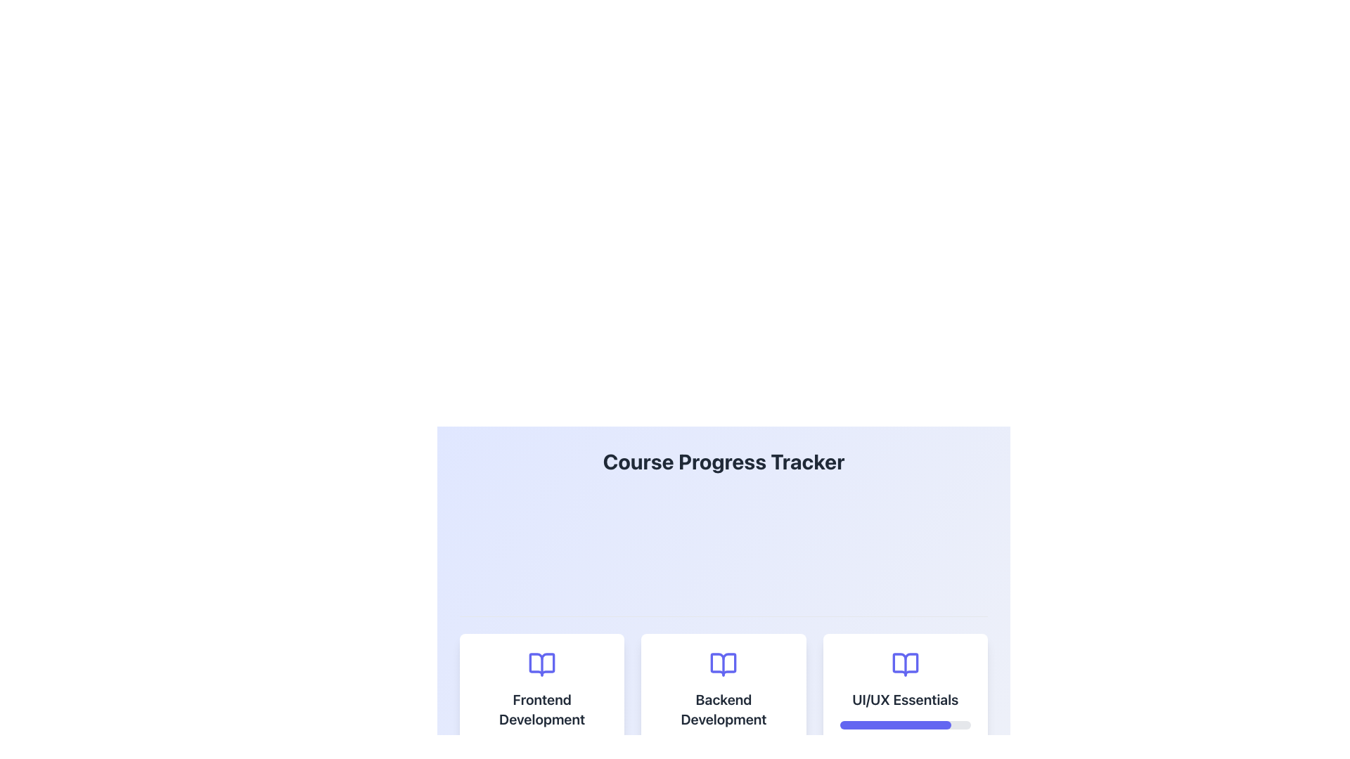 The width and height of the screenshot is (1350, 759). Describe the element at coordinates (724, 461) in the screenshot. I see `the Static Text Header that introduces and labels the course tracking section, positioned at the top-center of the course cards area` at that location.